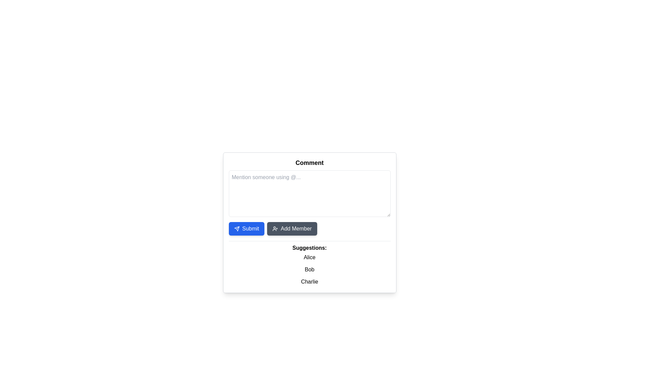  Describe the element at coordinates (309, 269) in the screenshot. I see `the text-based selection item displaying 'Bob', which is the second suggestion in the list under the heading 'Suggestions:'` at that location.